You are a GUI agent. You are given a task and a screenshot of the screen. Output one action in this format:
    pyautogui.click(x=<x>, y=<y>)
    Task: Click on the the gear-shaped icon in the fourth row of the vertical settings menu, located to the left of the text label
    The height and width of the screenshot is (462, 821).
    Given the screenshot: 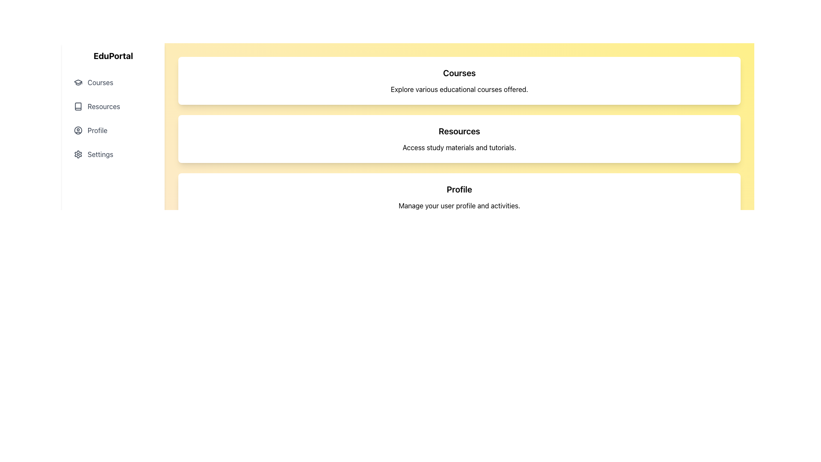 What is the action you would take?
    pyautogui.click(x=78, y=154)
    